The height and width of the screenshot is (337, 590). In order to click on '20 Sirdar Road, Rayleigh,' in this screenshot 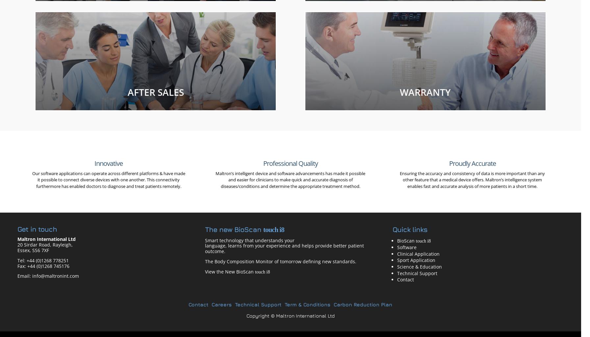, I will do `click(16, 244)`.